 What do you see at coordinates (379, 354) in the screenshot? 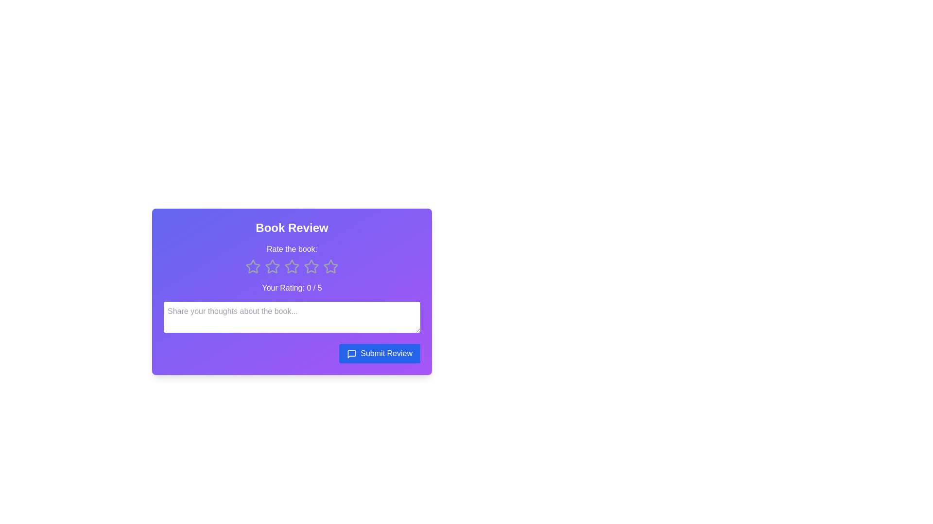
I see `the 'Submit Review' button to submit the review` at bounding box center [379, 354].